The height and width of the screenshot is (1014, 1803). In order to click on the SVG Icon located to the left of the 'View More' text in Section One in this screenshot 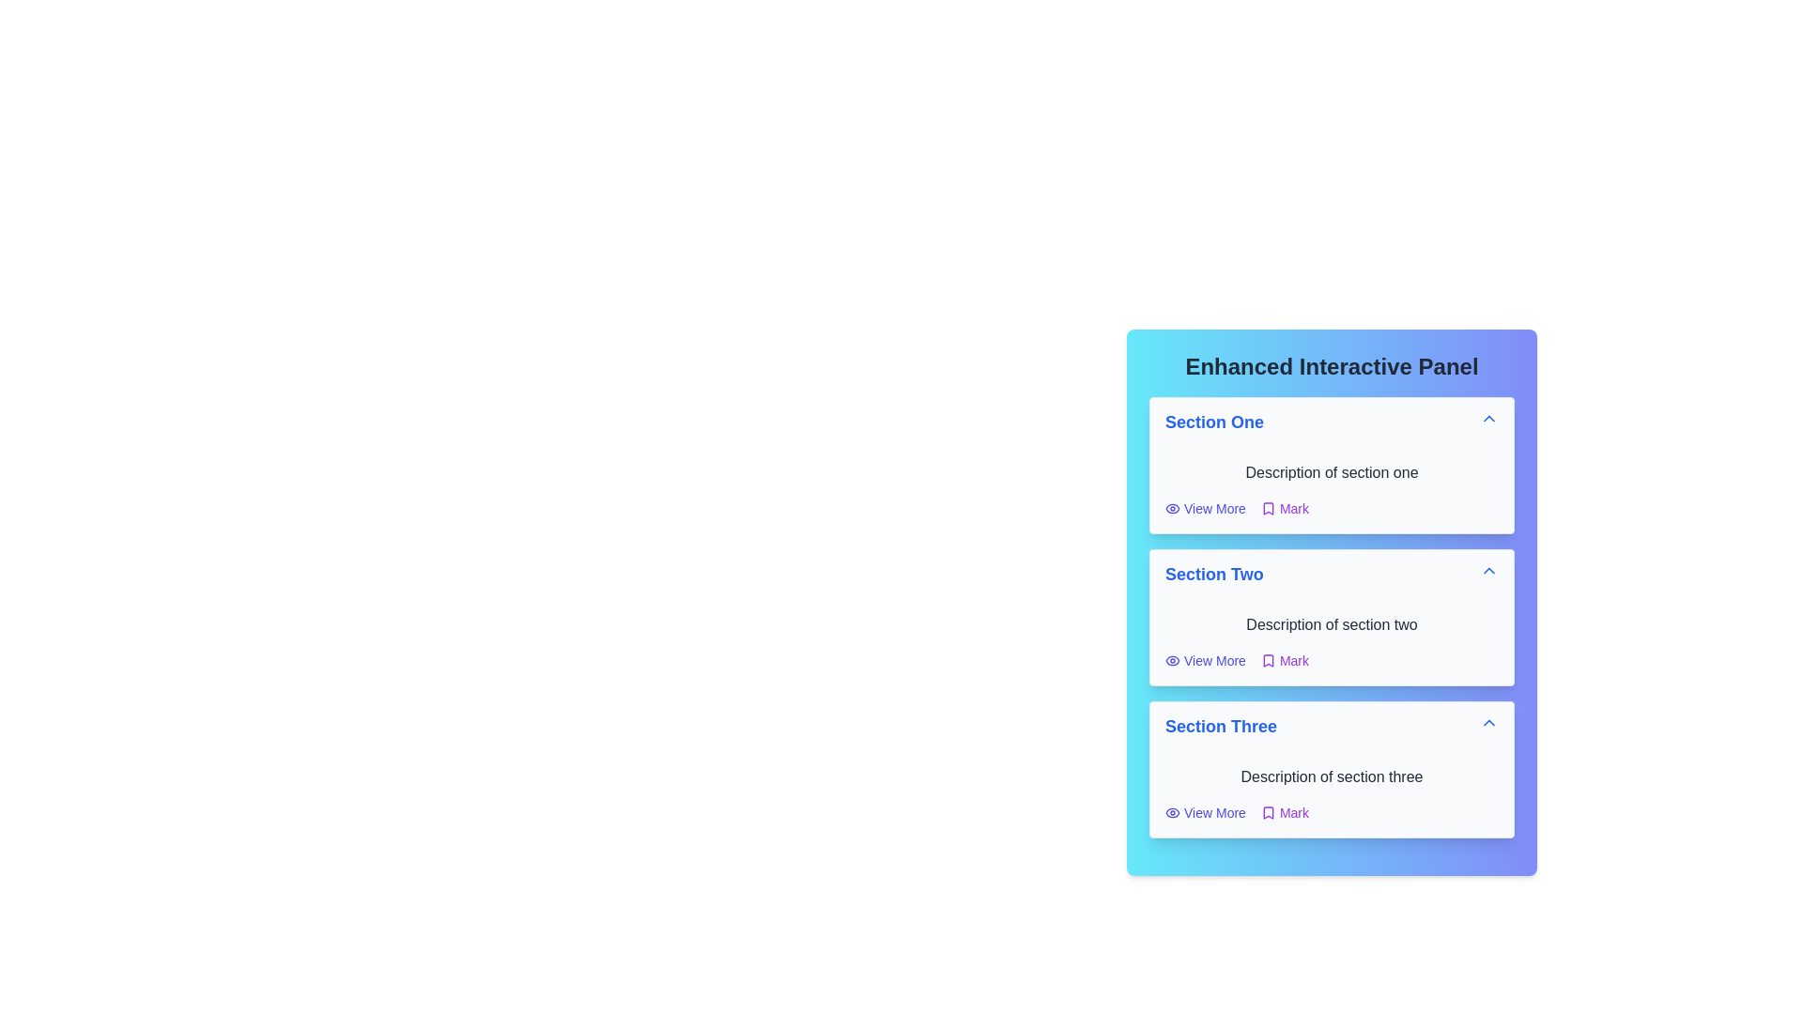, I will do `click(1171, 509)`.